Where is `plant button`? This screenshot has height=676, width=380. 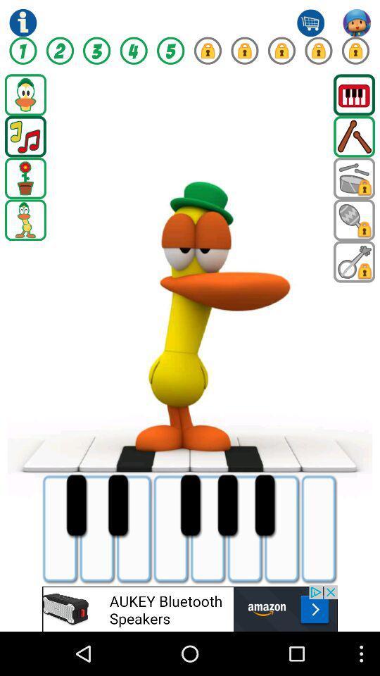 plant button is located at coordinates (25, 177).